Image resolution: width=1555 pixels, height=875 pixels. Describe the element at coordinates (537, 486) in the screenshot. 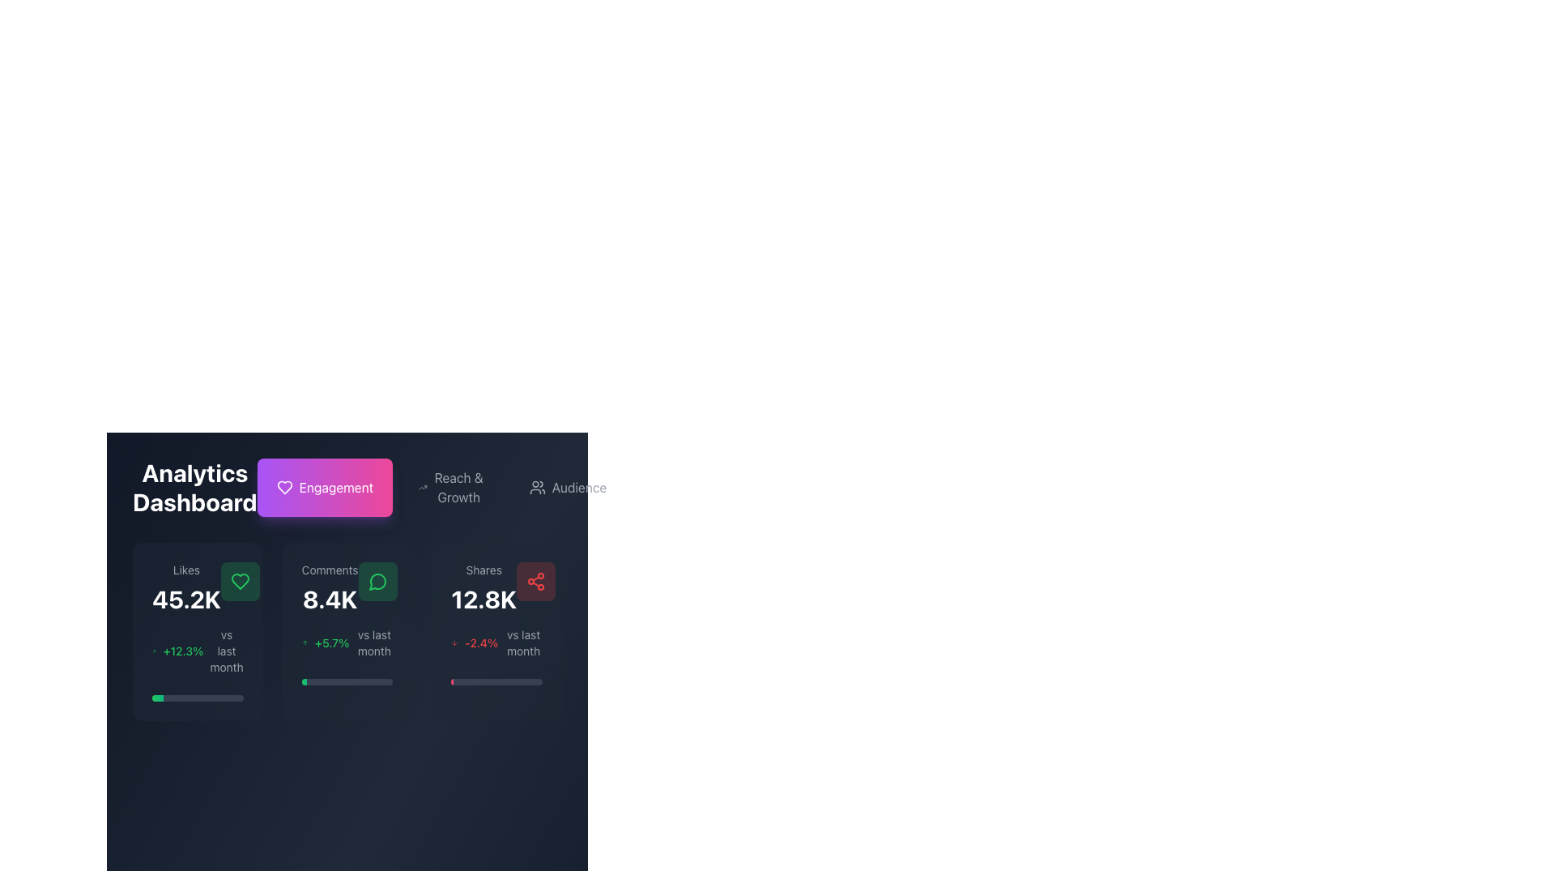

I see `the user profile icon, which is a vector graphic consisting of two rounded shapes resembling stylized people, positioned next to the text 'Audience'` at that location.